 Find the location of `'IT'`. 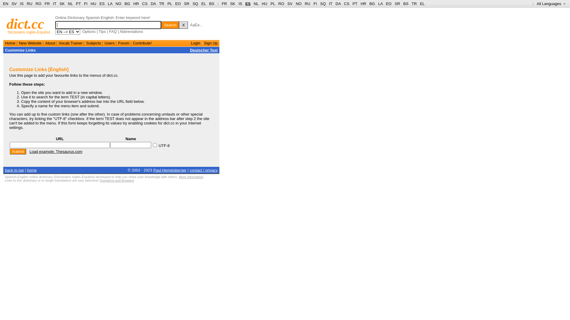

'IT' is located at coordinates (330, 4).